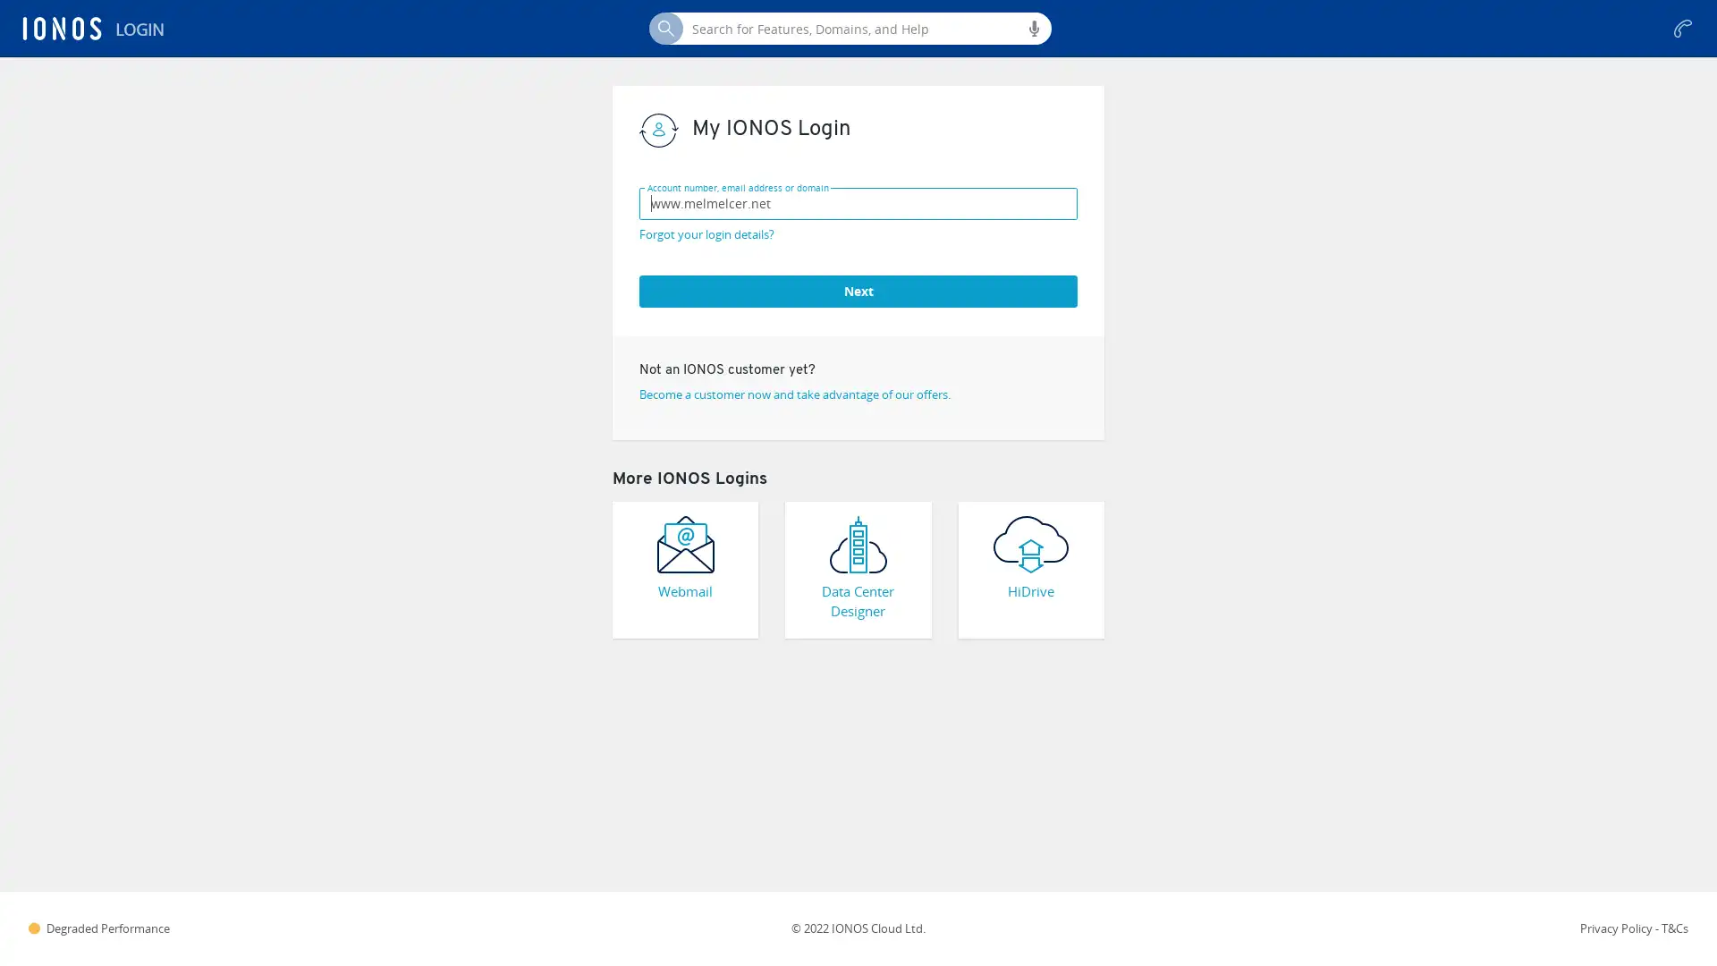 This screenshot has height=966, width=1717. What do you see at coordinates (858, 289) in the screenshot?
I see `Next` at bounding box center [858, 289].